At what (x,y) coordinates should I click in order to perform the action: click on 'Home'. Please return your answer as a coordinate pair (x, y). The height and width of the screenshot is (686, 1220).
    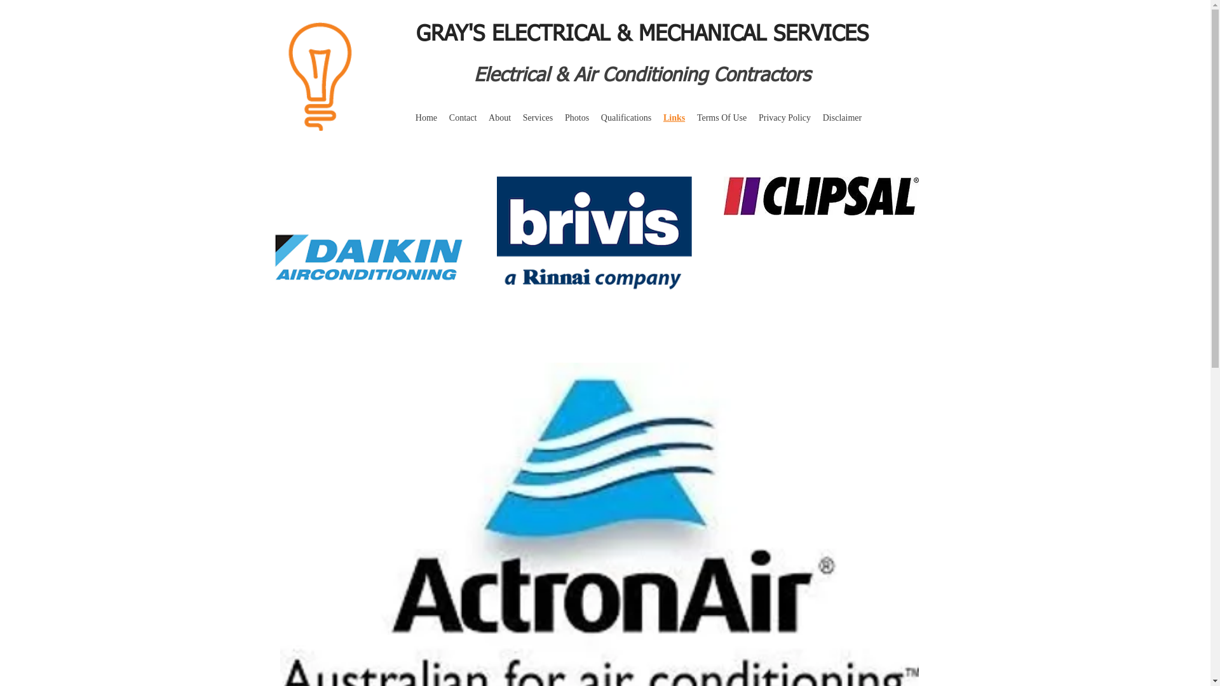
    Looking at the image, I should click on (426, 118).